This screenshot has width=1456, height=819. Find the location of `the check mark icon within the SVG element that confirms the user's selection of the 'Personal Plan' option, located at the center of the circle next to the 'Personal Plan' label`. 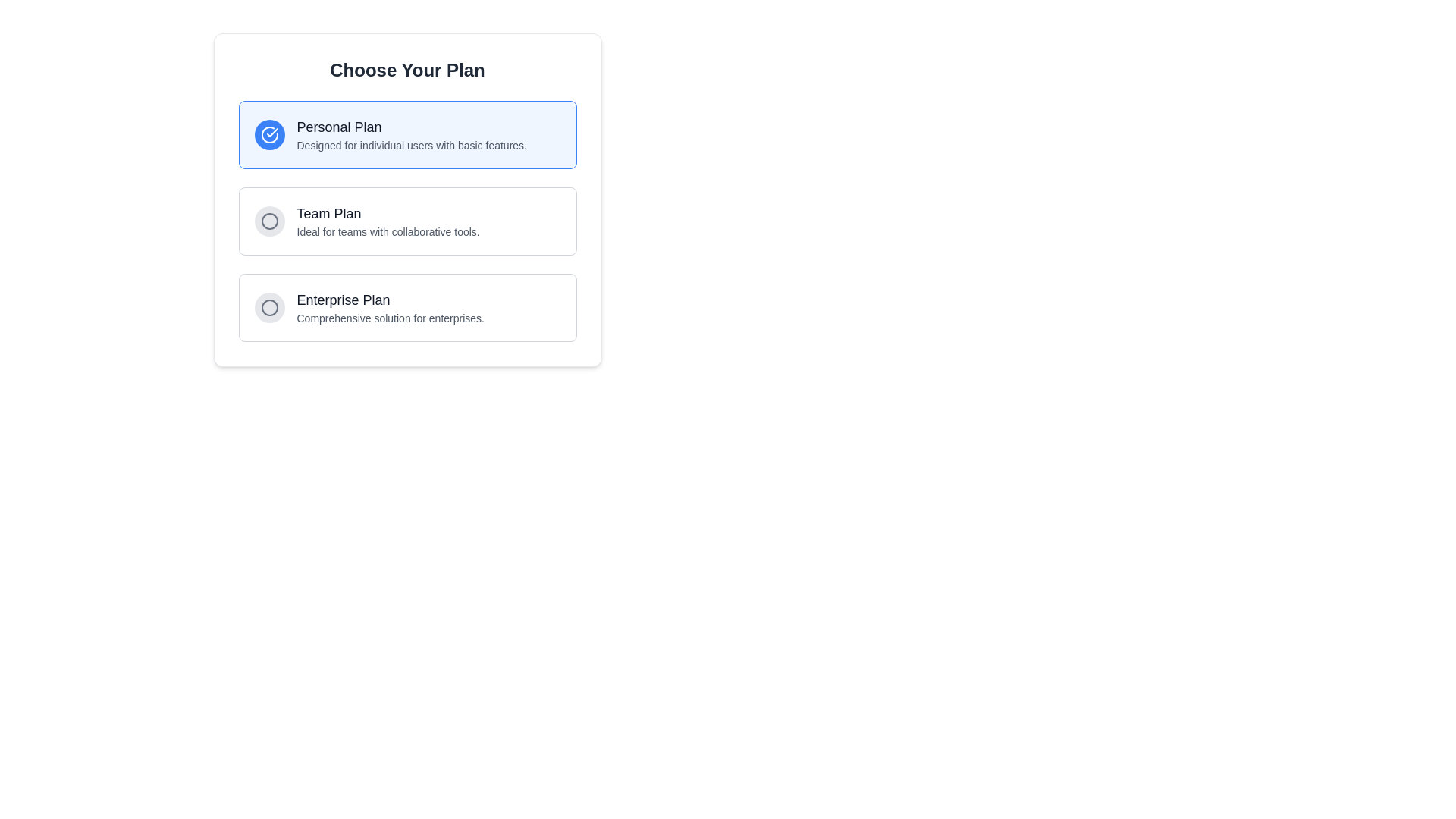

the check mark icon within the SVG element that confirms the user's selection of the 'Personal Plan' option, located at the center of the circle next to the 'Personal Plan' label is located at coordinates (272, 131).